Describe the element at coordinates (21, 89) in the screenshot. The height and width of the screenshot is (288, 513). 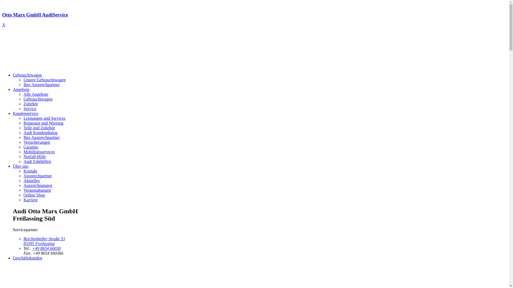
I see `'Angebote'` at that location.